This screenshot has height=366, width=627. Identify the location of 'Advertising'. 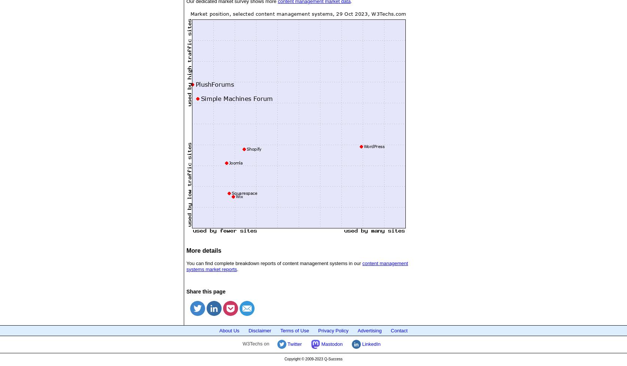
(369, 330).